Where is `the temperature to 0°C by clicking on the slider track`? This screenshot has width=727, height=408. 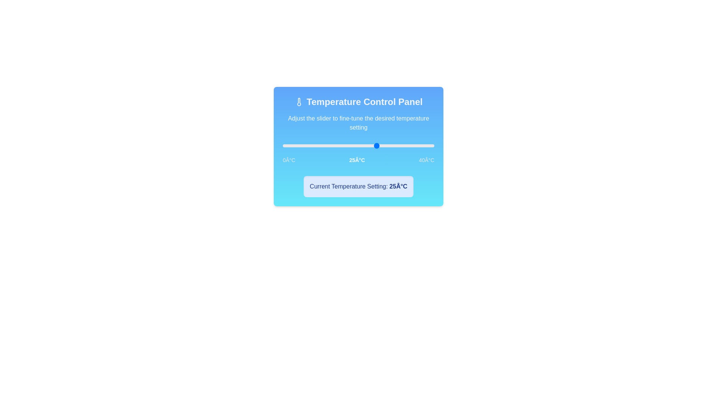 the temperature to 0°C by clicking on the slider track is located at coordinates (282, 145).